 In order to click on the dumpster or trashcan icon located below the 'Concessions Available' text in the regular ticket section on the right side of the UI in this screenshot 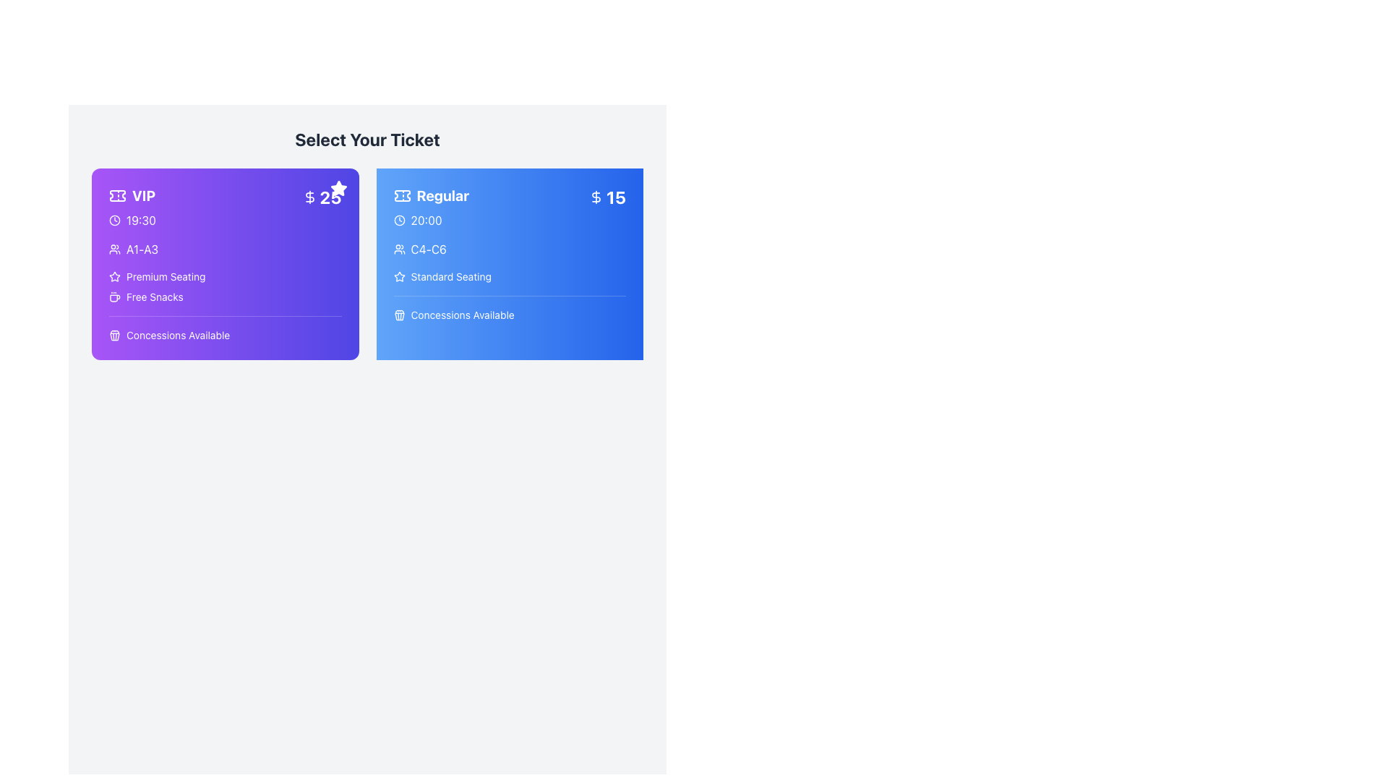, I will do `click(399, 316)`.